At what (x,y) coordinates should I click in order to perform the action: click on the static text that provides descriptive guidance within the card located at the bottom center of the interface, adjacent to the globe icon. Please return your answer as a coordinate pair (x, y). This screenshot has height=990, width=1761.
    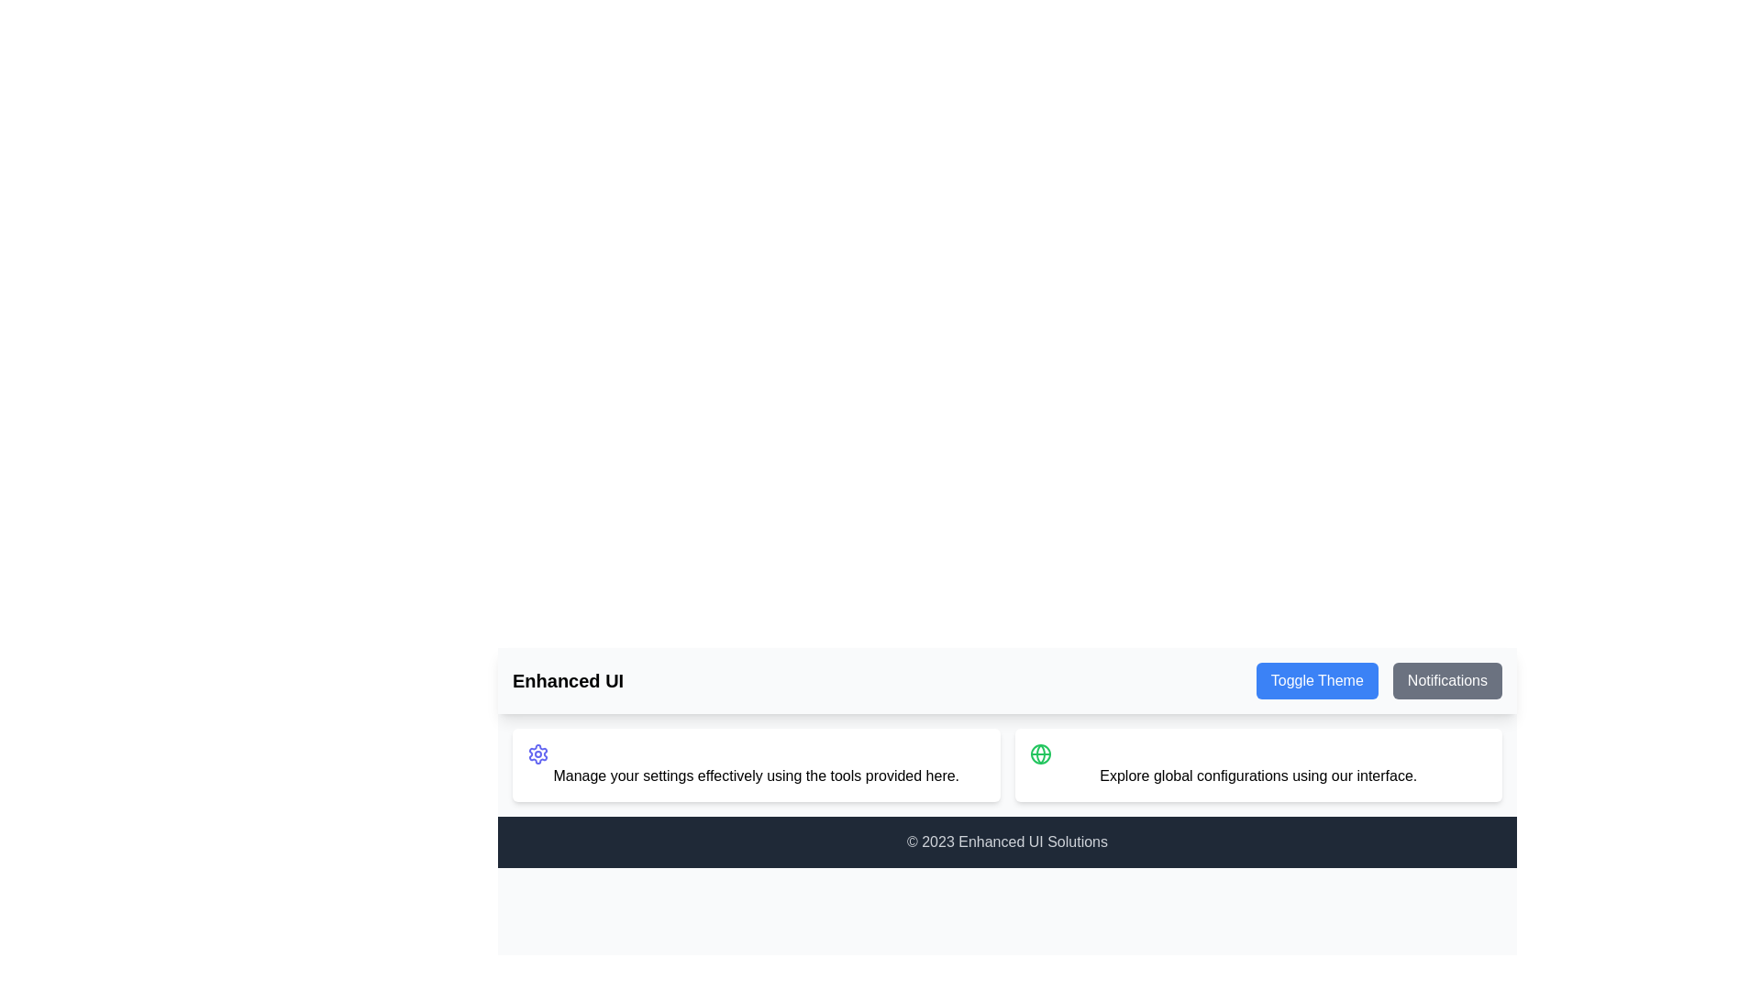
    Looking at the image, I should click on (1257, 775).